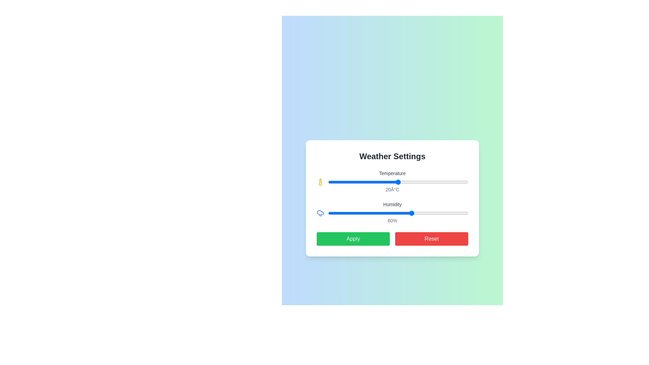 Image resolution: width=649 pixels, height=365 pixels. I want to click on the text label displaying '20°C' located below the temperature slider in the 'Weather Settings' interface, so click(392, 189).